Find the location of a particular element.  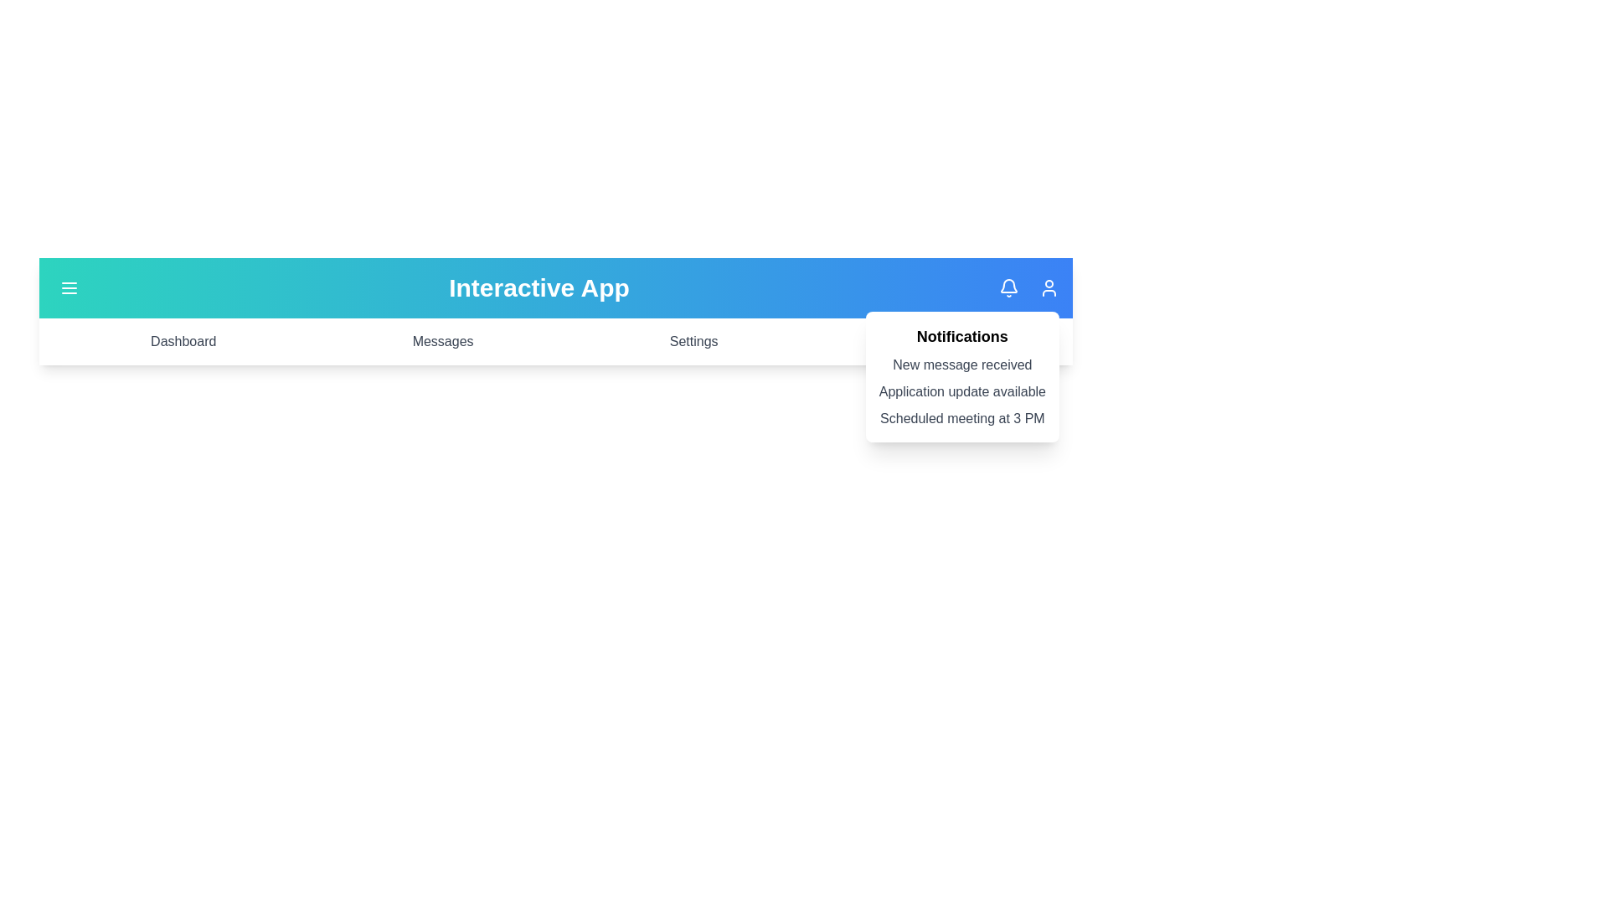

the menu item Settings from the app bar is located at coordinates (693, 341).